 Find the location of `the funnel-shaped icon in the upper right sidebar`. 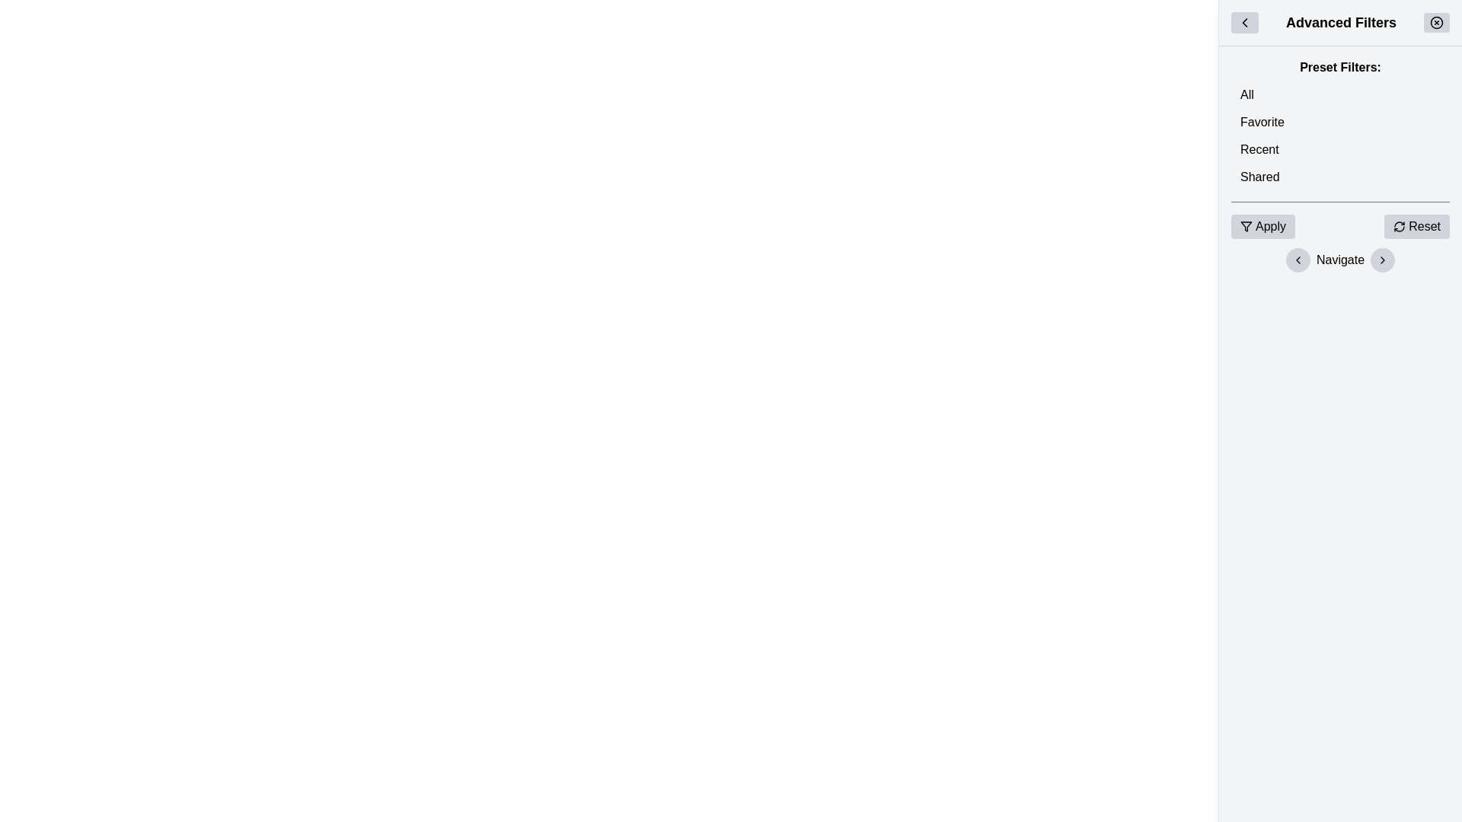

the funnel-shaped icon in the upper right sidebar is located at coordinates (1246, 226).